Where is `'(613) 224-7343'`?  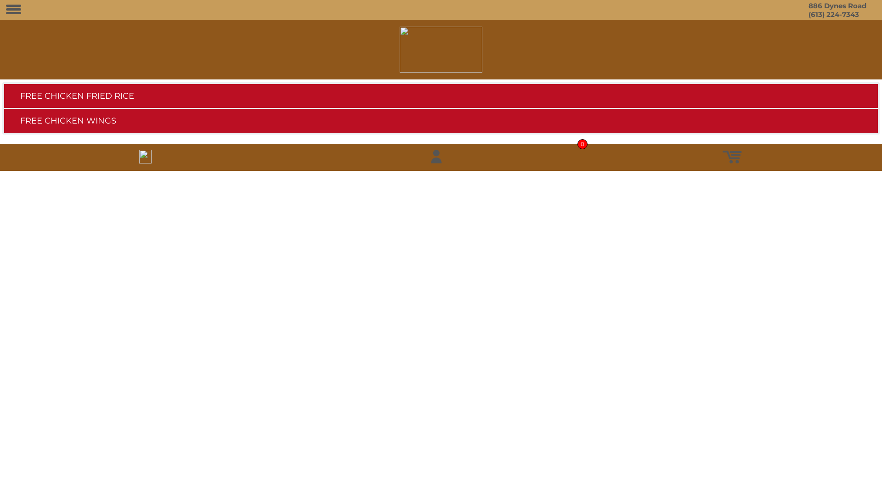
'(613) 224-7343' is located at coordinates (833, 14).